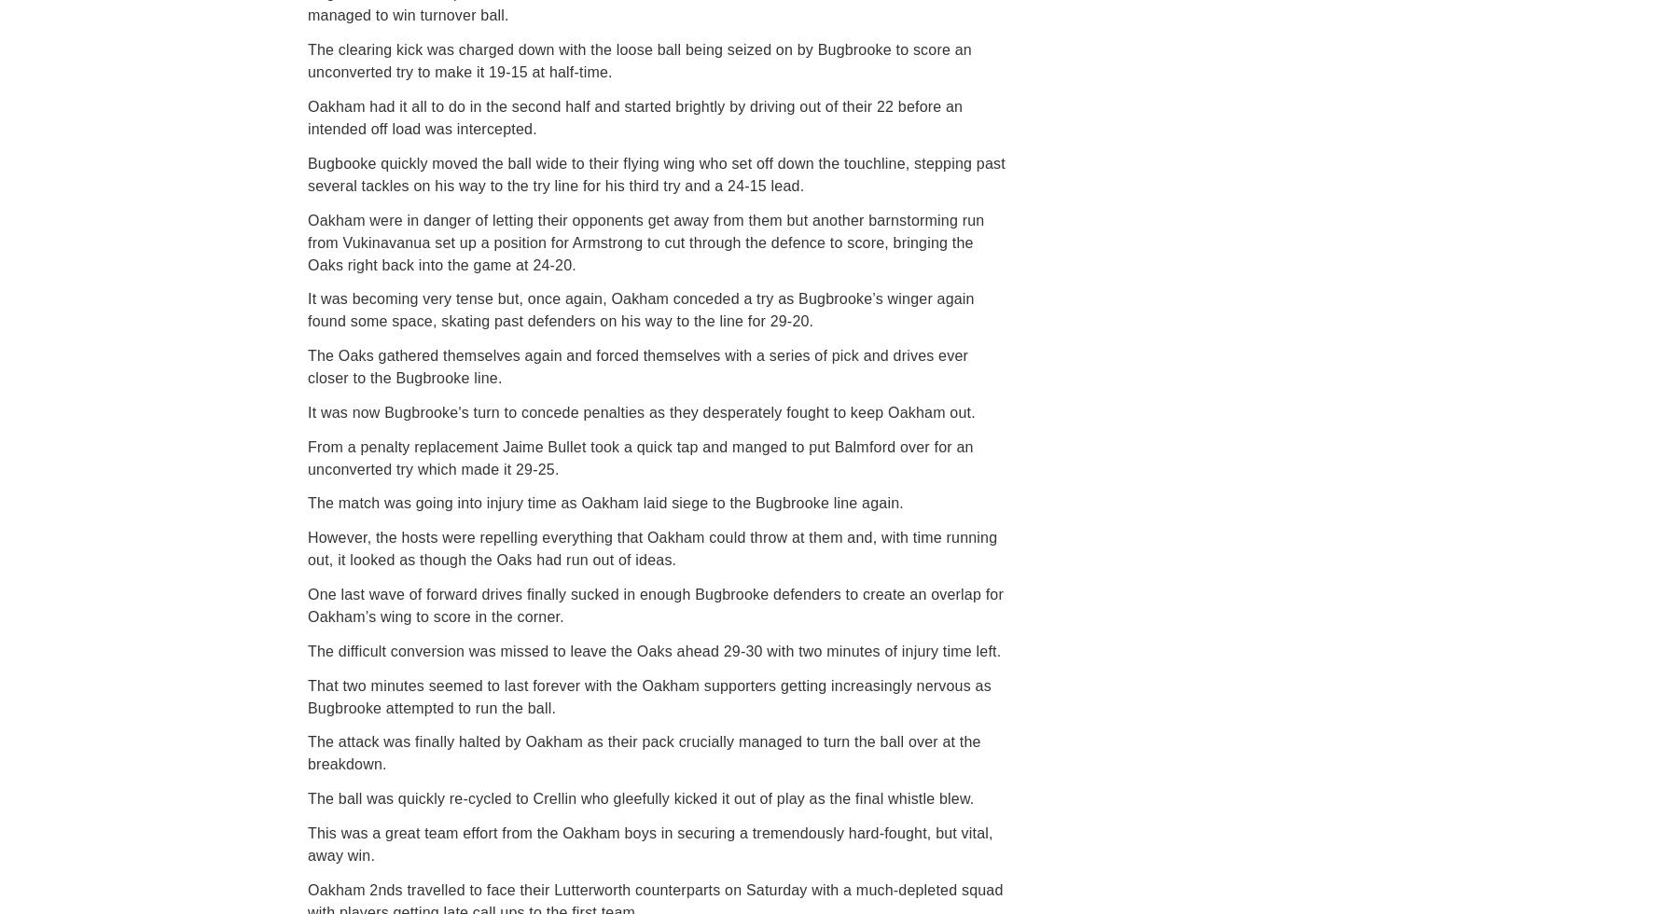 The height and width of the screenshot is (914, 1679). I want to click on 'The difficult conversion was missed to leave the Oaks ahead 29-30 with two minutes of injury time left.', so click(653, 650).